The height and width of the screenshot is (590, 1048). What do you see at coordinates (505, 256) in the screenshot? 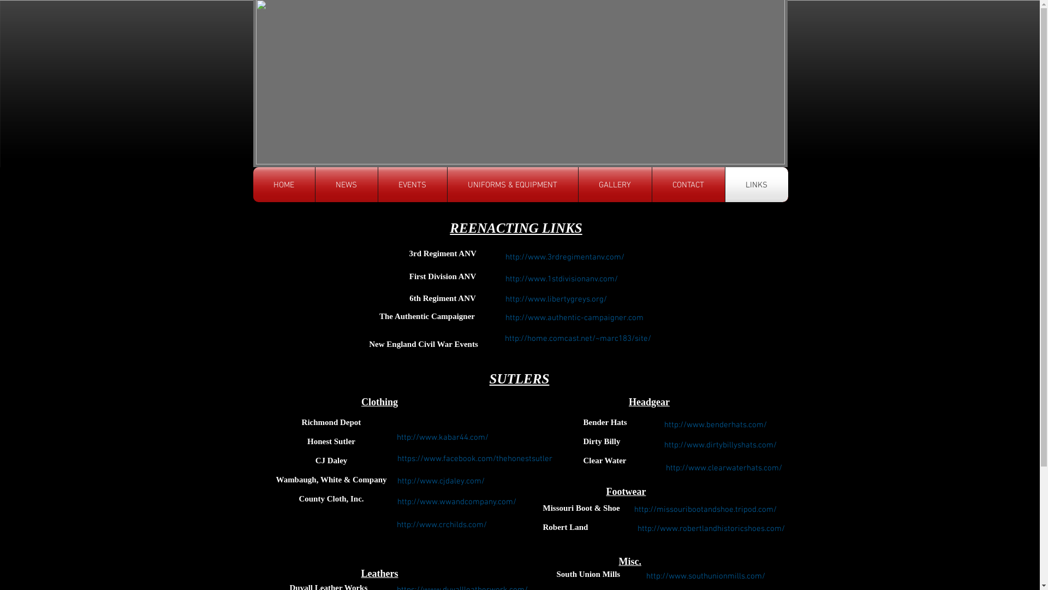
I see `'http://www.3rdregimentanv.com/'` at bounding box center [505, 256].